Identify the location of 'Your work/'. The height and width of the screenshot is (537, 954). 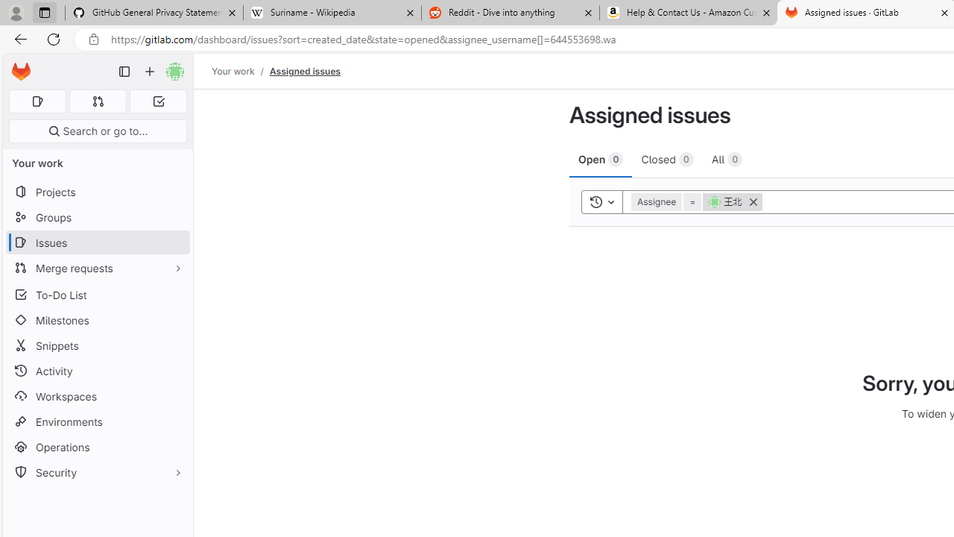
(241, 71).